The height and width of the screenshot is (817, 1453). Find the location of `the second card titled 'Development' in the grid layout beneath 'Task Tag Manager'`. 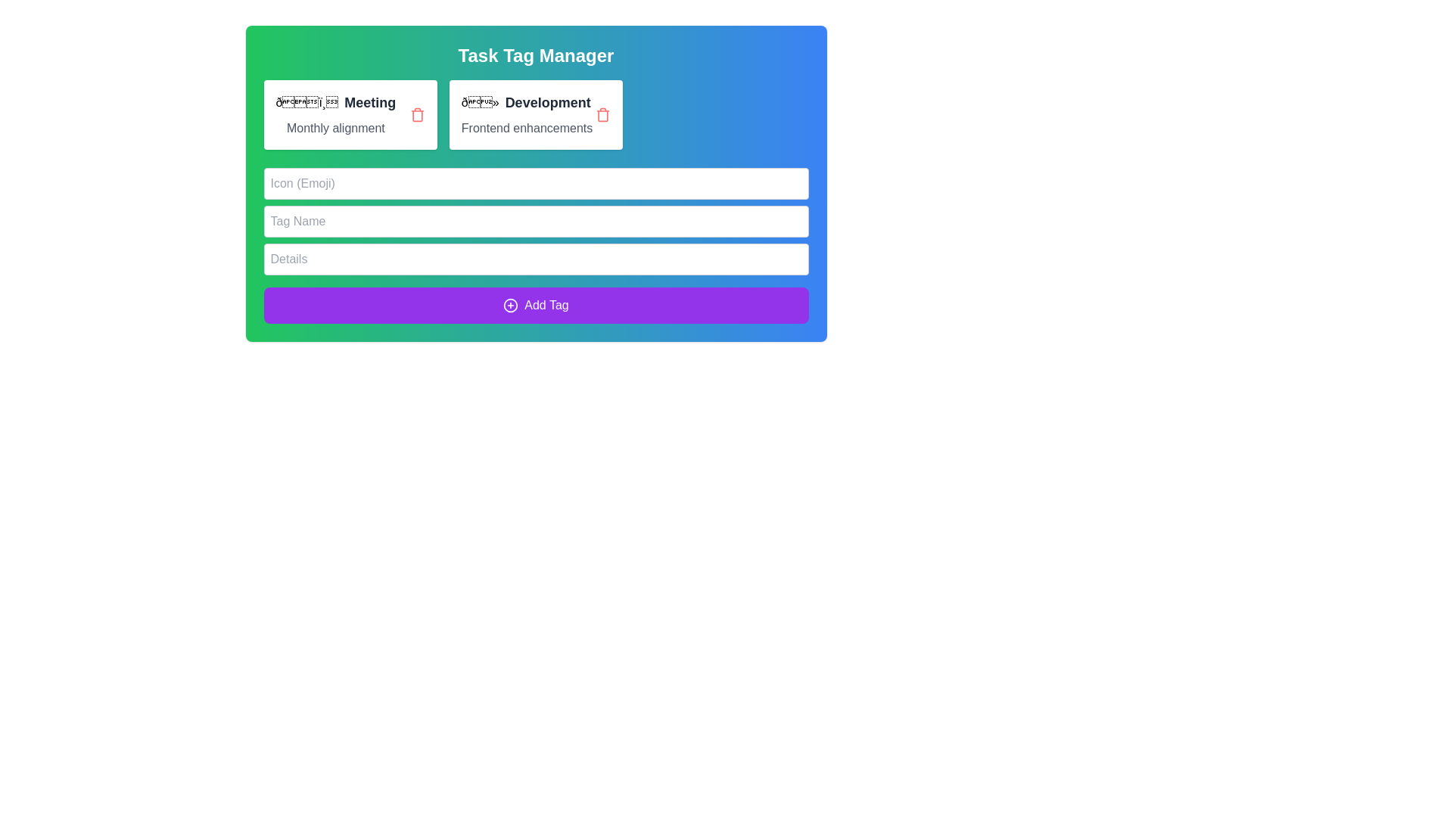

the second card titled 'Development' in the grid layout beneath 'Task Tag Manager' is located at coordinates (536, 113).